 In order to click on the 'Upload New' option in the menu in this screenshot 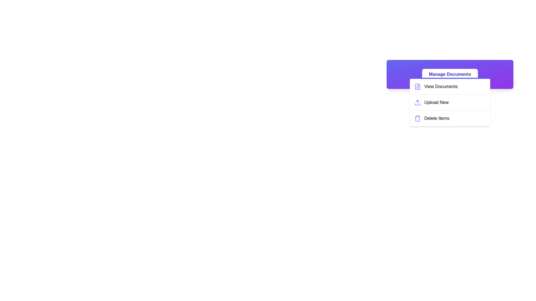, I will do `click(450, 102)`.